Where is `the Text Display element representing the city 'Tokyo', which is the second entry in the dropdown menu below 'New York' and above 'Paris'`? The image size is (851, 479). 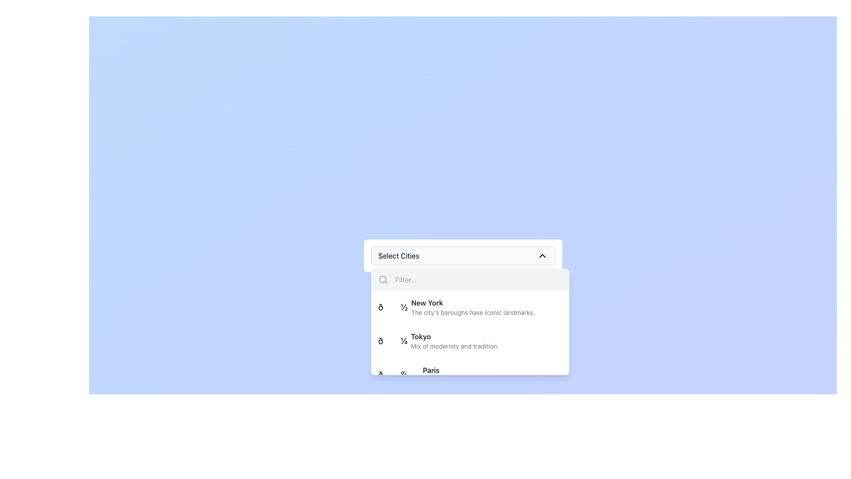 the Text Display element representing the city 'Tokyo', which is the second entry in the dropdown menu below 'New York' and above 'Paris' is located at coordinates (455, 340).